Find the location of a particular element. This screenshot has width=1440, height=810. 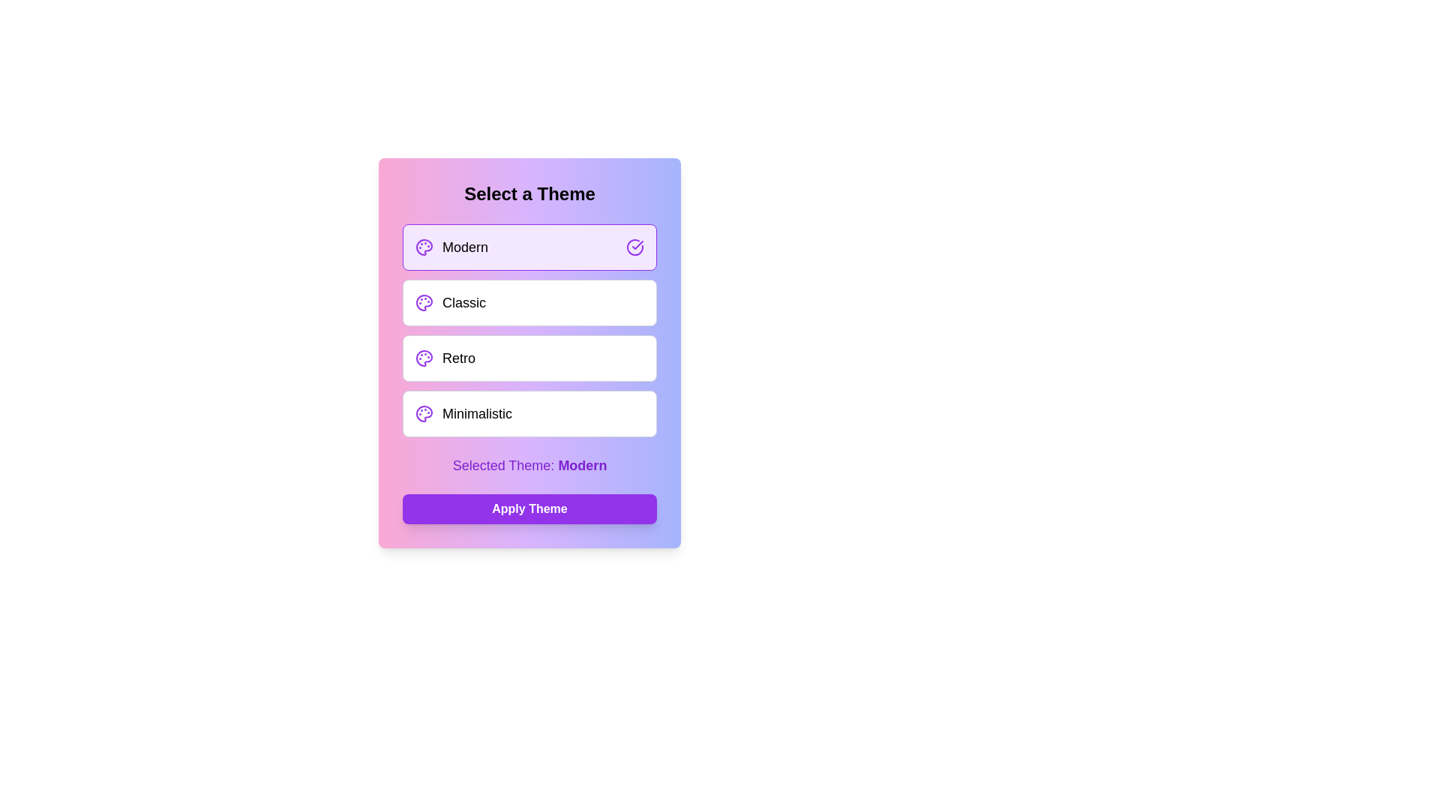

the first list item labeled 'Modern' that contains a bold text and a palette icon is located at coordinates (451, 247).